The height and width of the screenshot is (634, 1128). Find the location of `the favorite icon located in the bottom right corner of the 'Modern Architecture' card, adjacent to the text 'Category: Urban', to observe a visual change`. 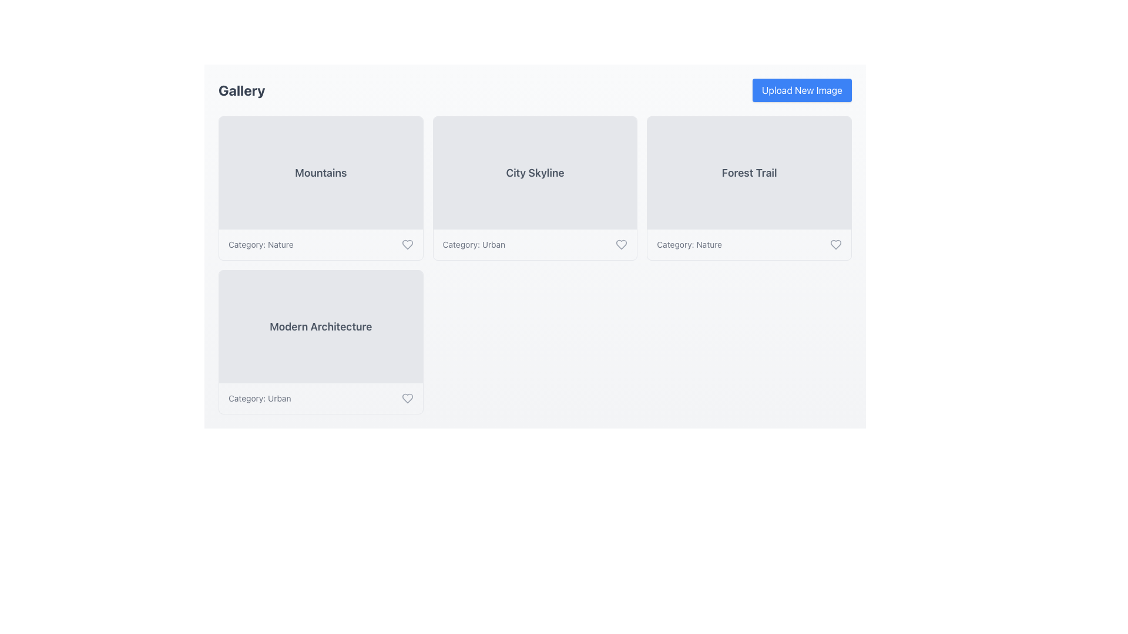

the favorite icon located in the bottom right corner of the 'Modern Architecture' card, adjacent to the text 'Category: Urban', to observe a visual change is located at coordinates (407, 397).